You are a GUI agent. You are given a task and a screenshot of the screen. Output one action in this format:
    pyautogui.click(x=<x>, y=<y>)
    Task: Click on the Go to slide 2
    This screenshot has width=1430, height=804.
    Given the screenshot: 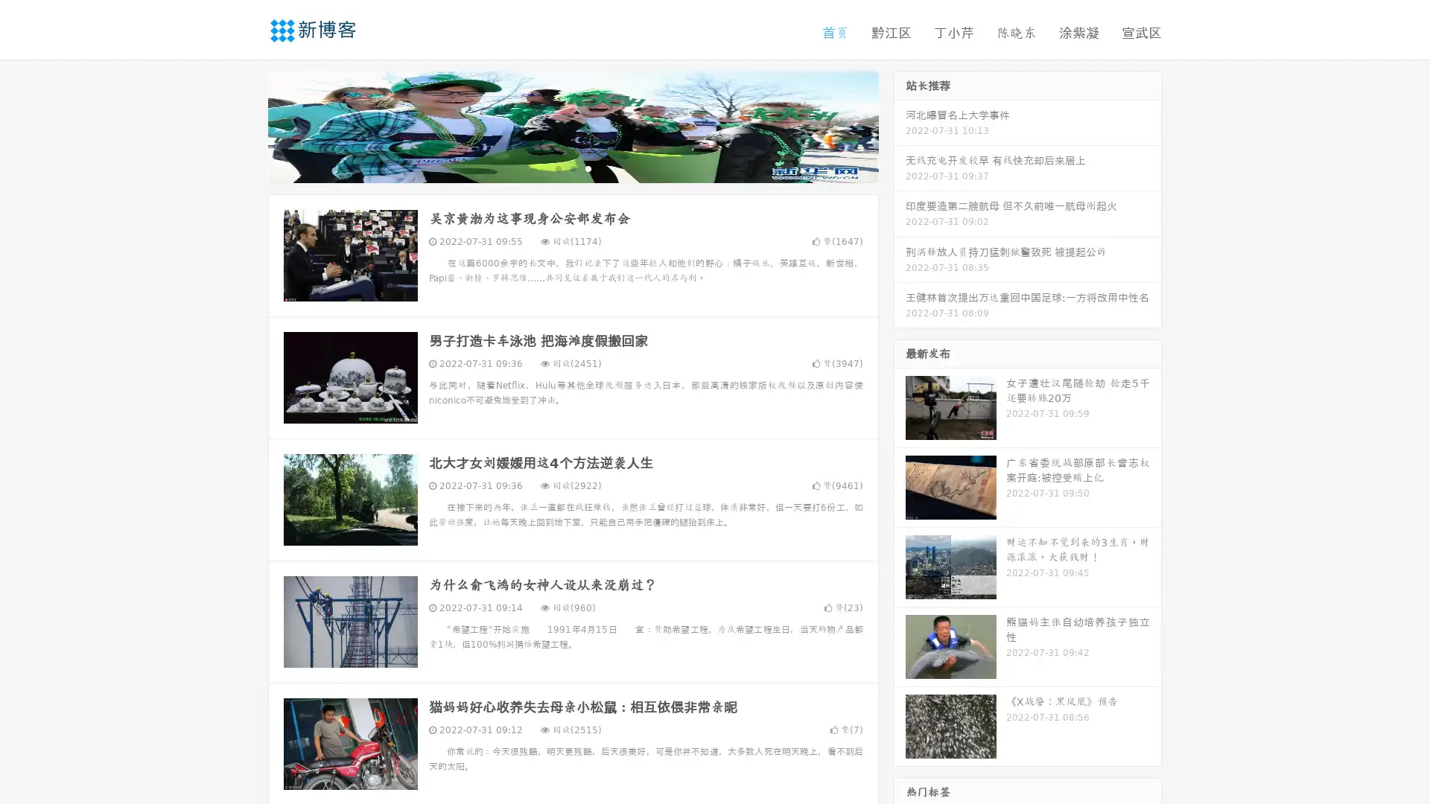 What is the action you would take?
    pyautogui.click(x=572, y=167)
    